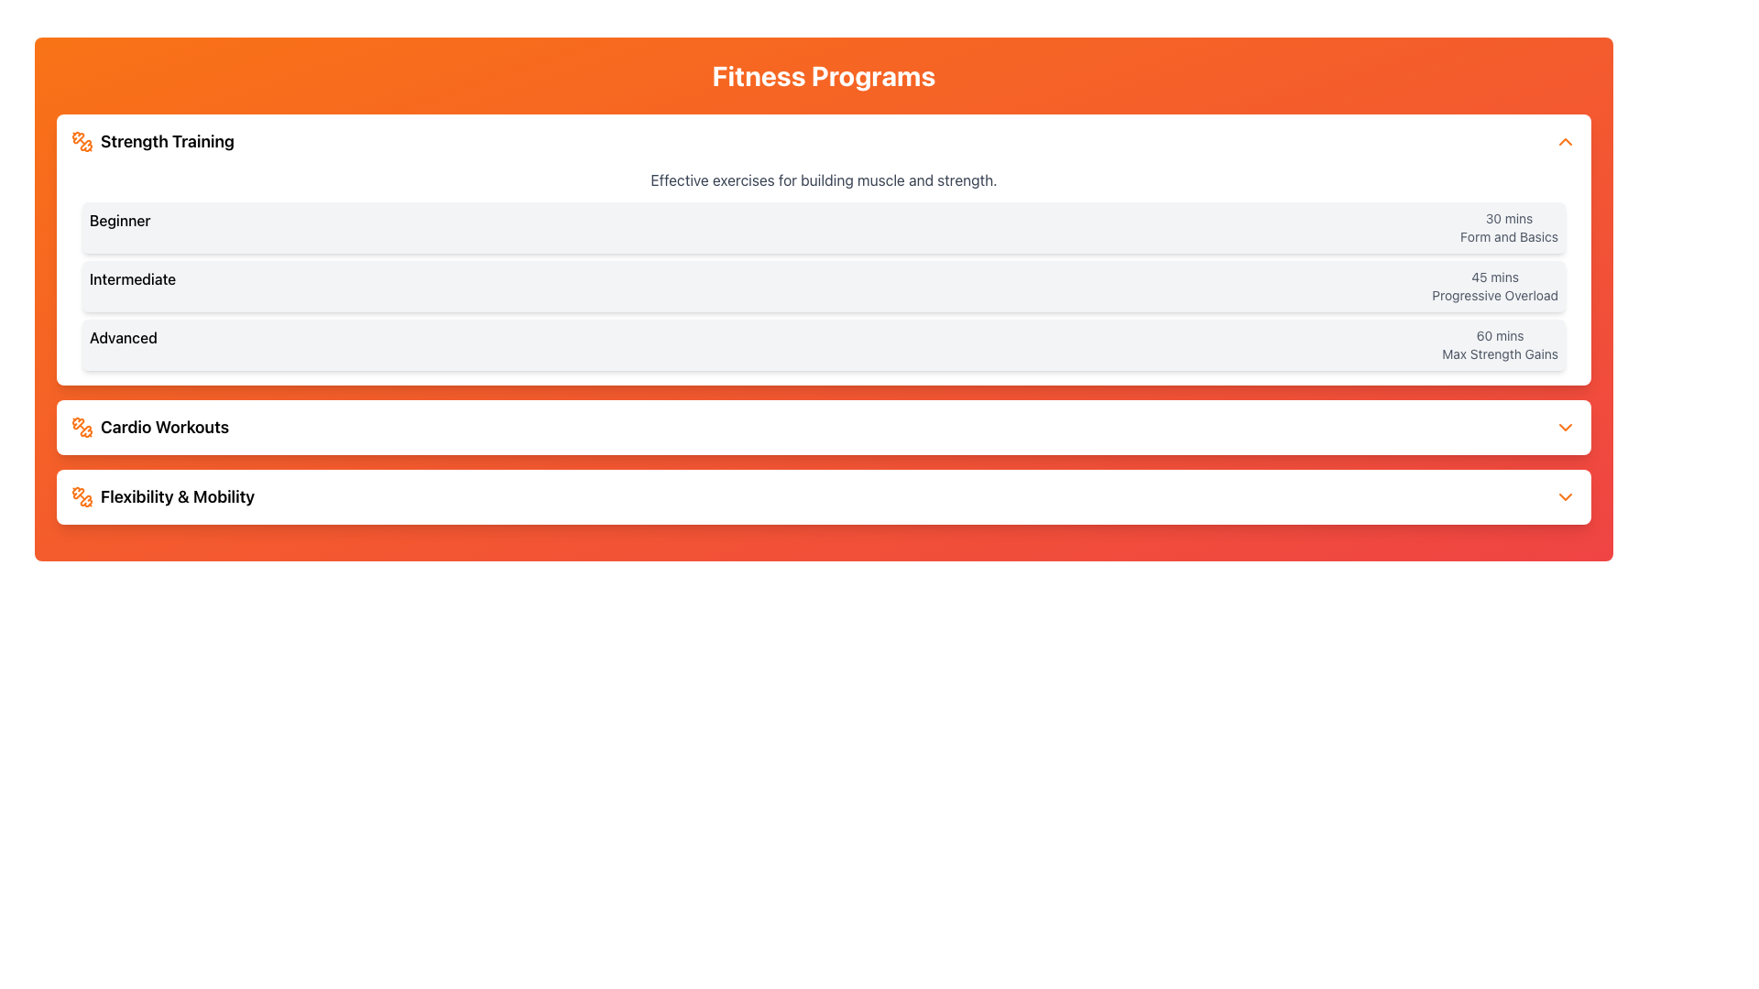 Image resolution: width=1759 pixels, height=989 pixels. What do you see at coordinates (1500, 353) in the screenshot?
I see `the static text label displaying 'Max Strength Gains', which is located at the bottom-right of the card in the 'Advanced' section of the 'Strength Training' category` at bounding box center [1500, 353].